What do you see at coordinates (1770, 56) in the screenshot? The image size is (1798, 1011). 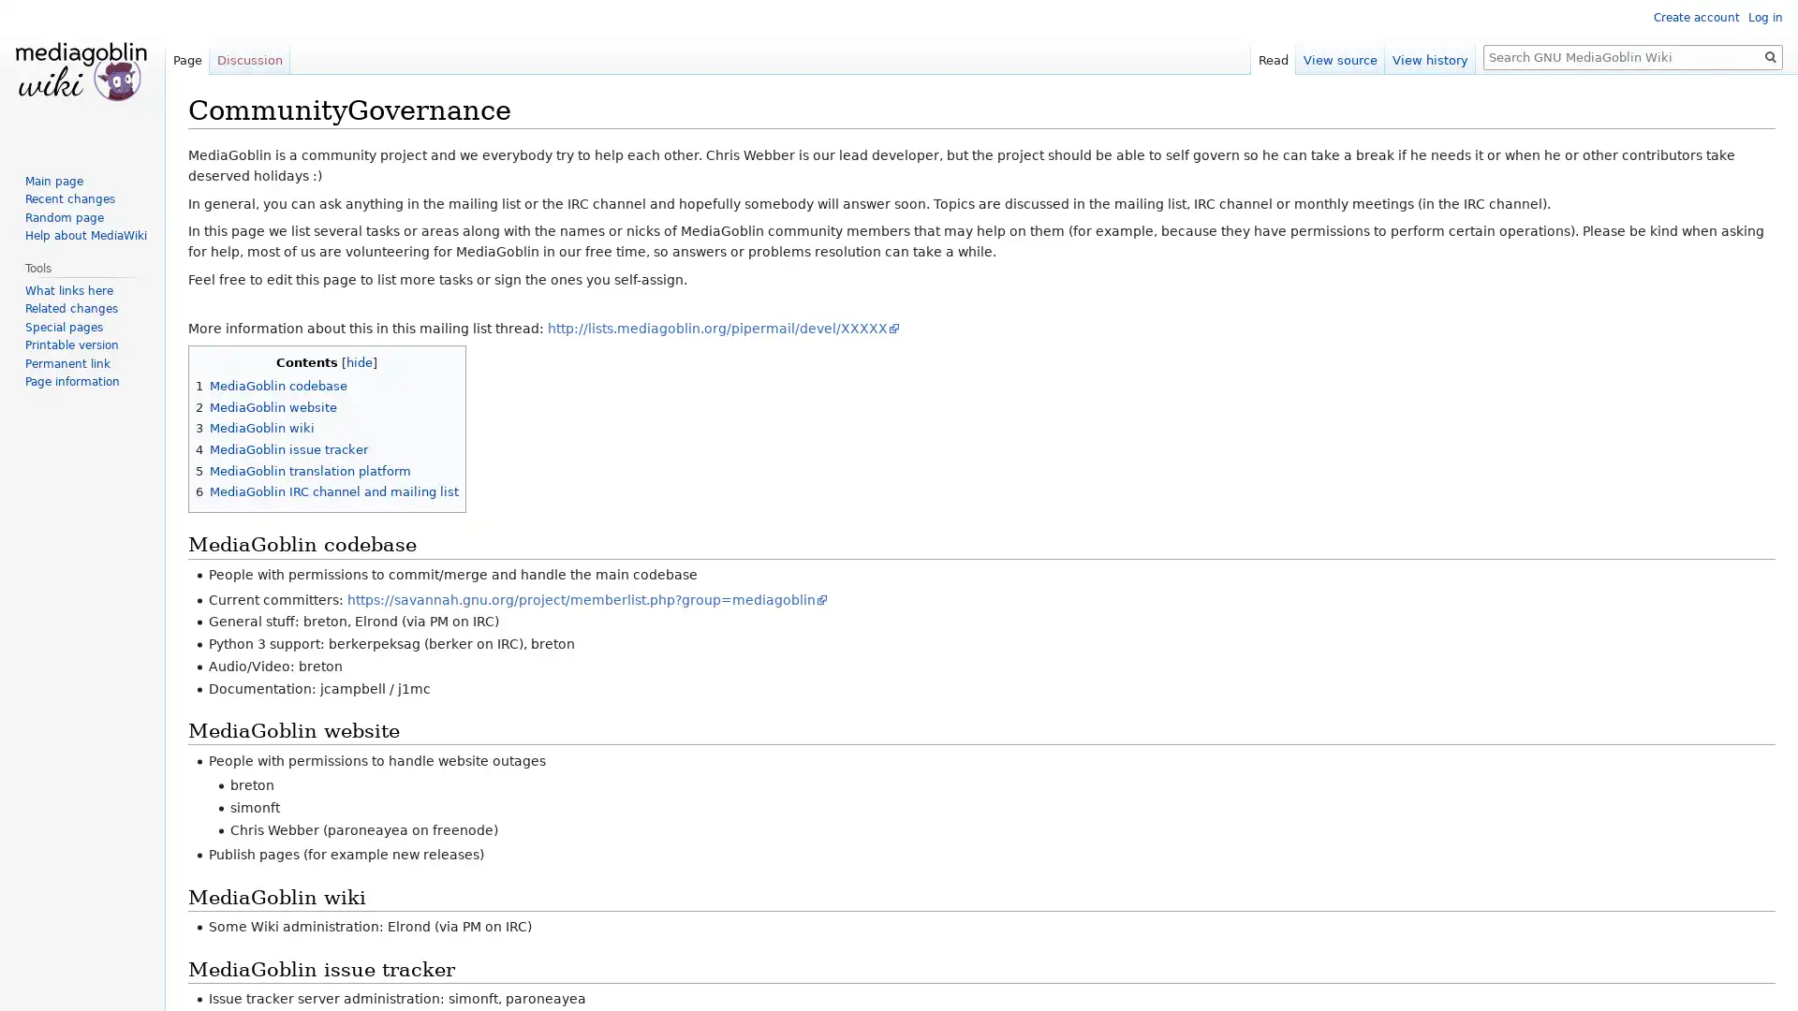 I see `Go` at bounding box center [1770, 56].